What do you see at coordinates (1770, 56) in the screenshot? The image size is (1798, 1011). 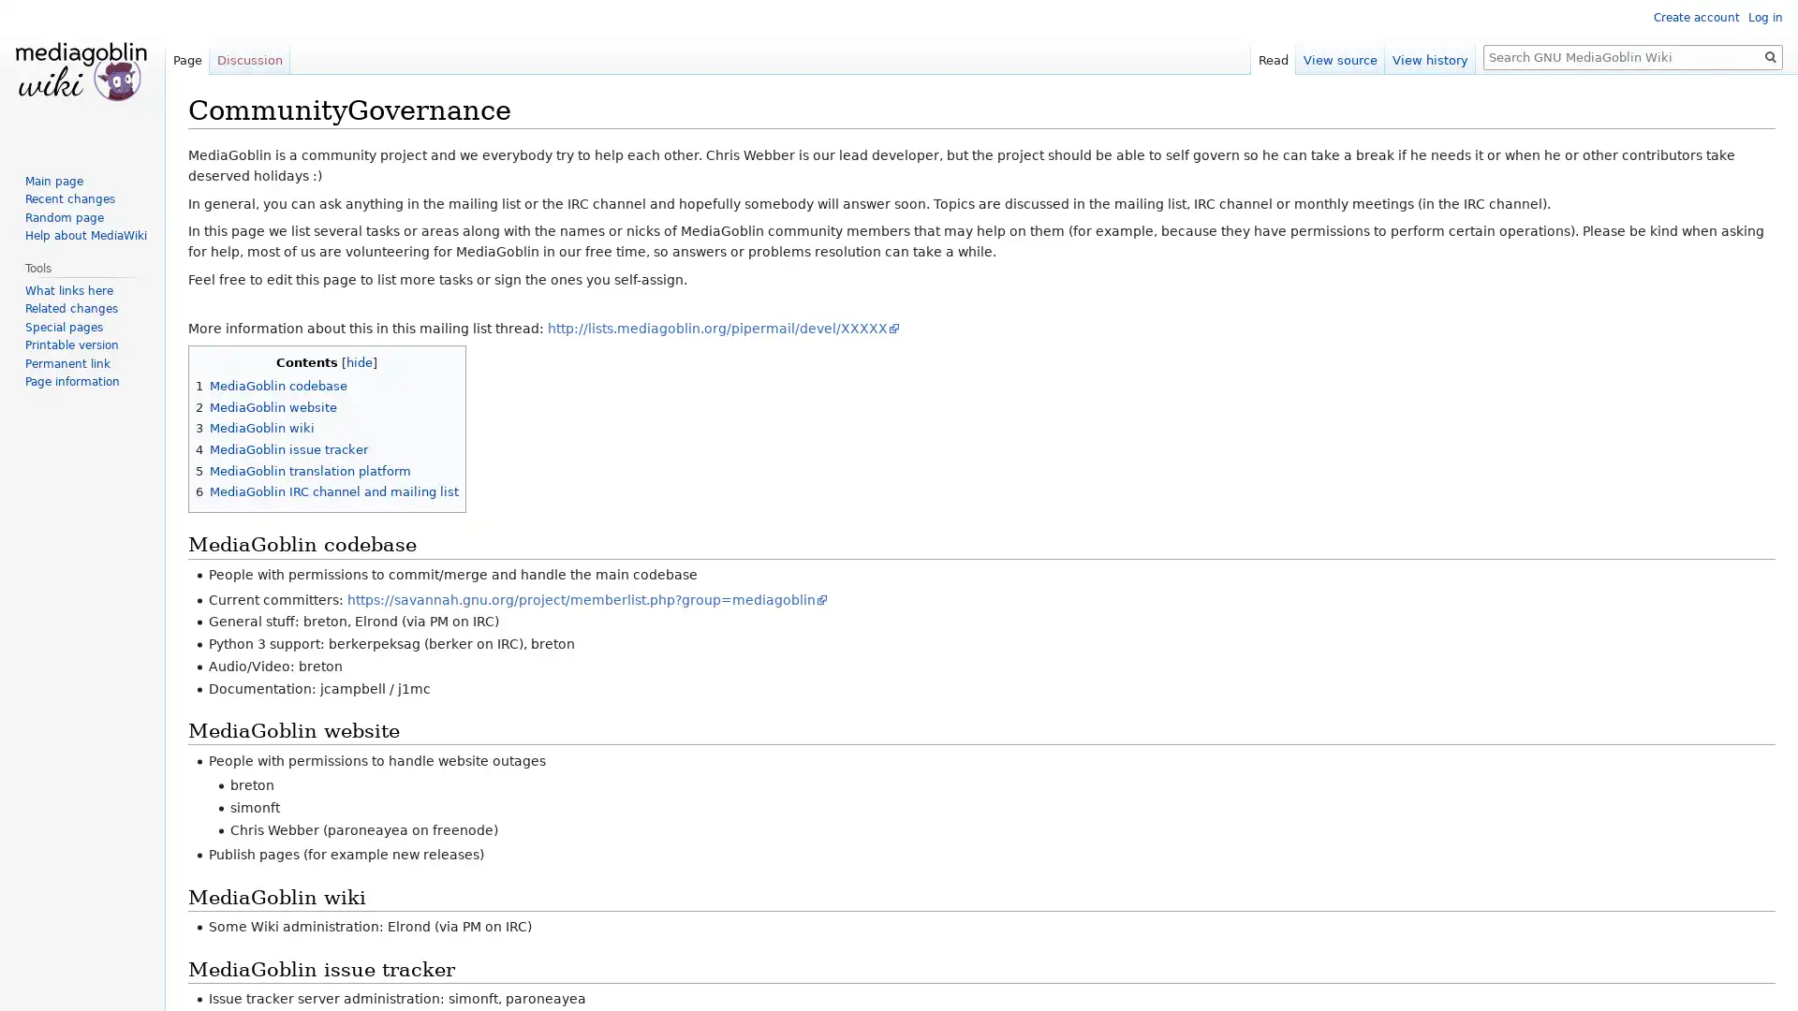 I see `Go` at bounding box center [1770, 56].